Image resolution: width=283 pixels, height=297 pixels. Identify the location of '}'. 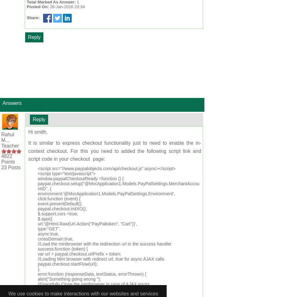
(38, 294).